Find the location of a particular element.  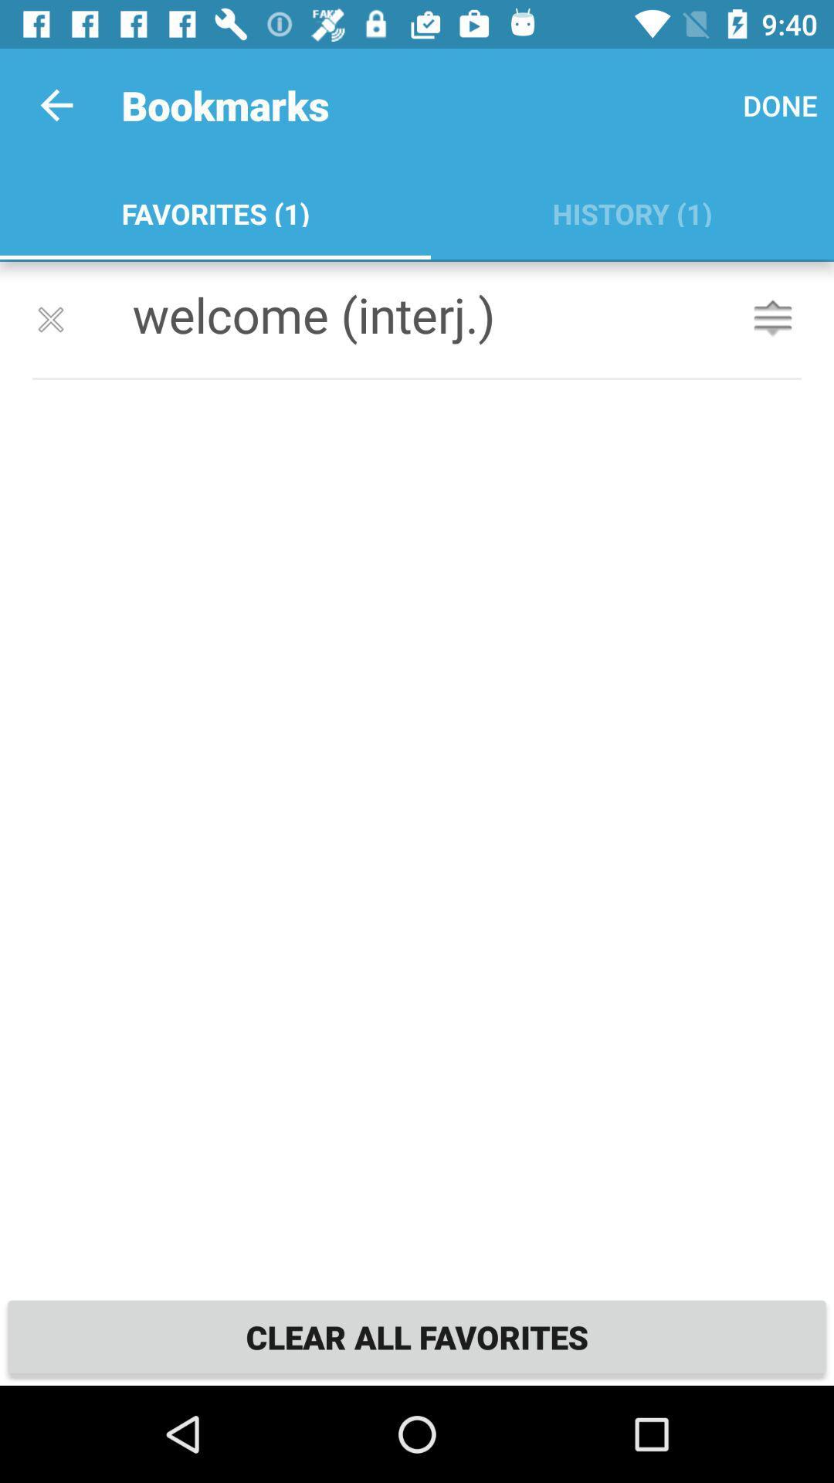

done icon is located at coordinates (780, 104).